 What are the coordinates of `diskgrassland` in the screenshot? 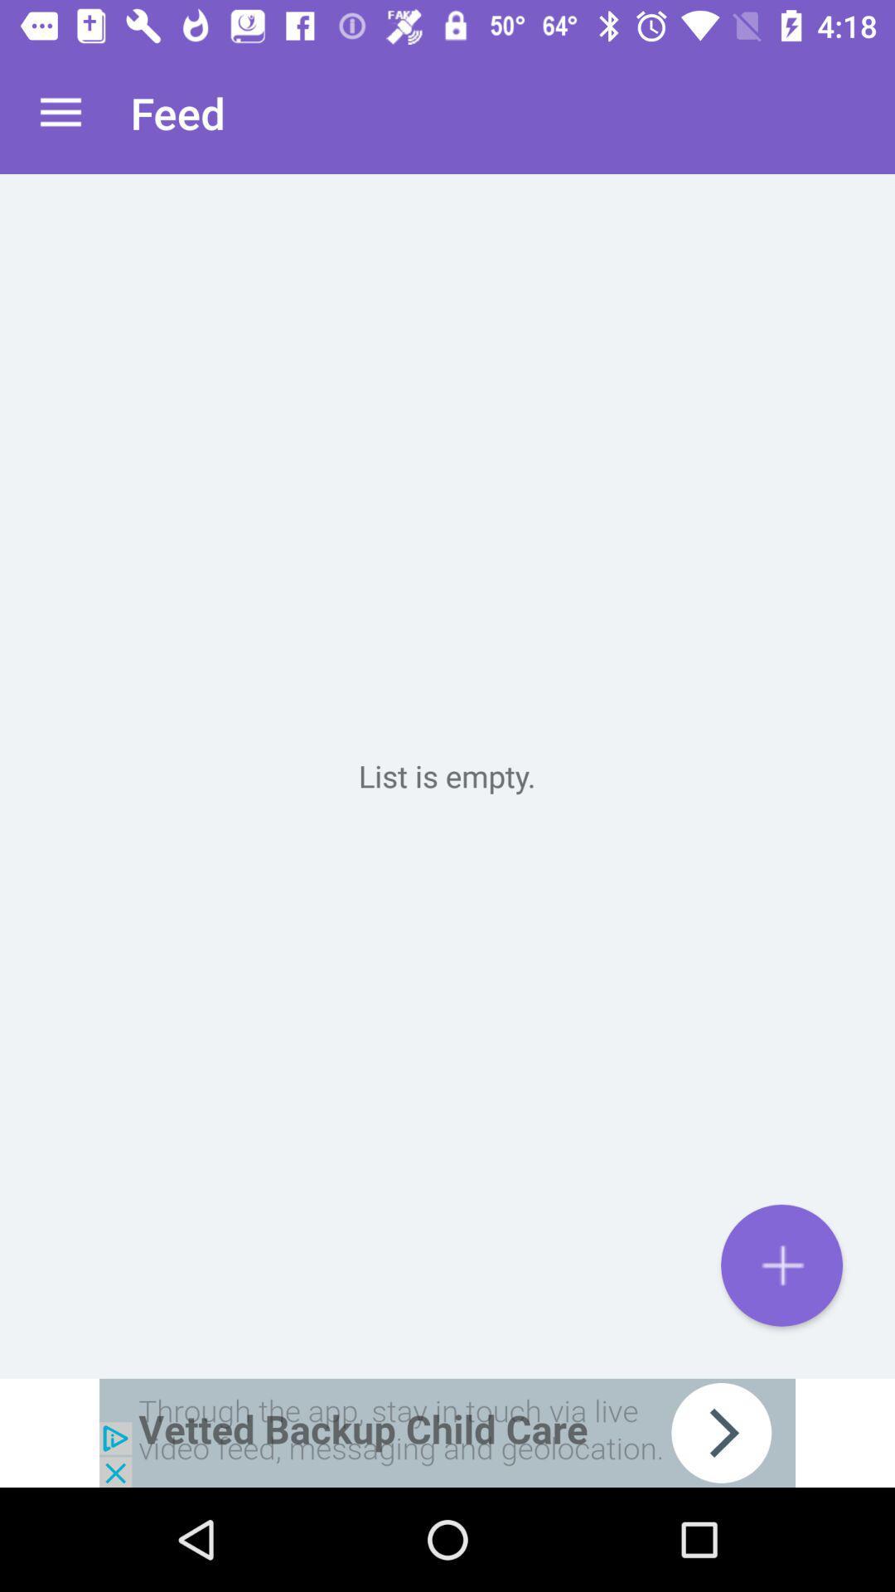 It's located at (447, 775).